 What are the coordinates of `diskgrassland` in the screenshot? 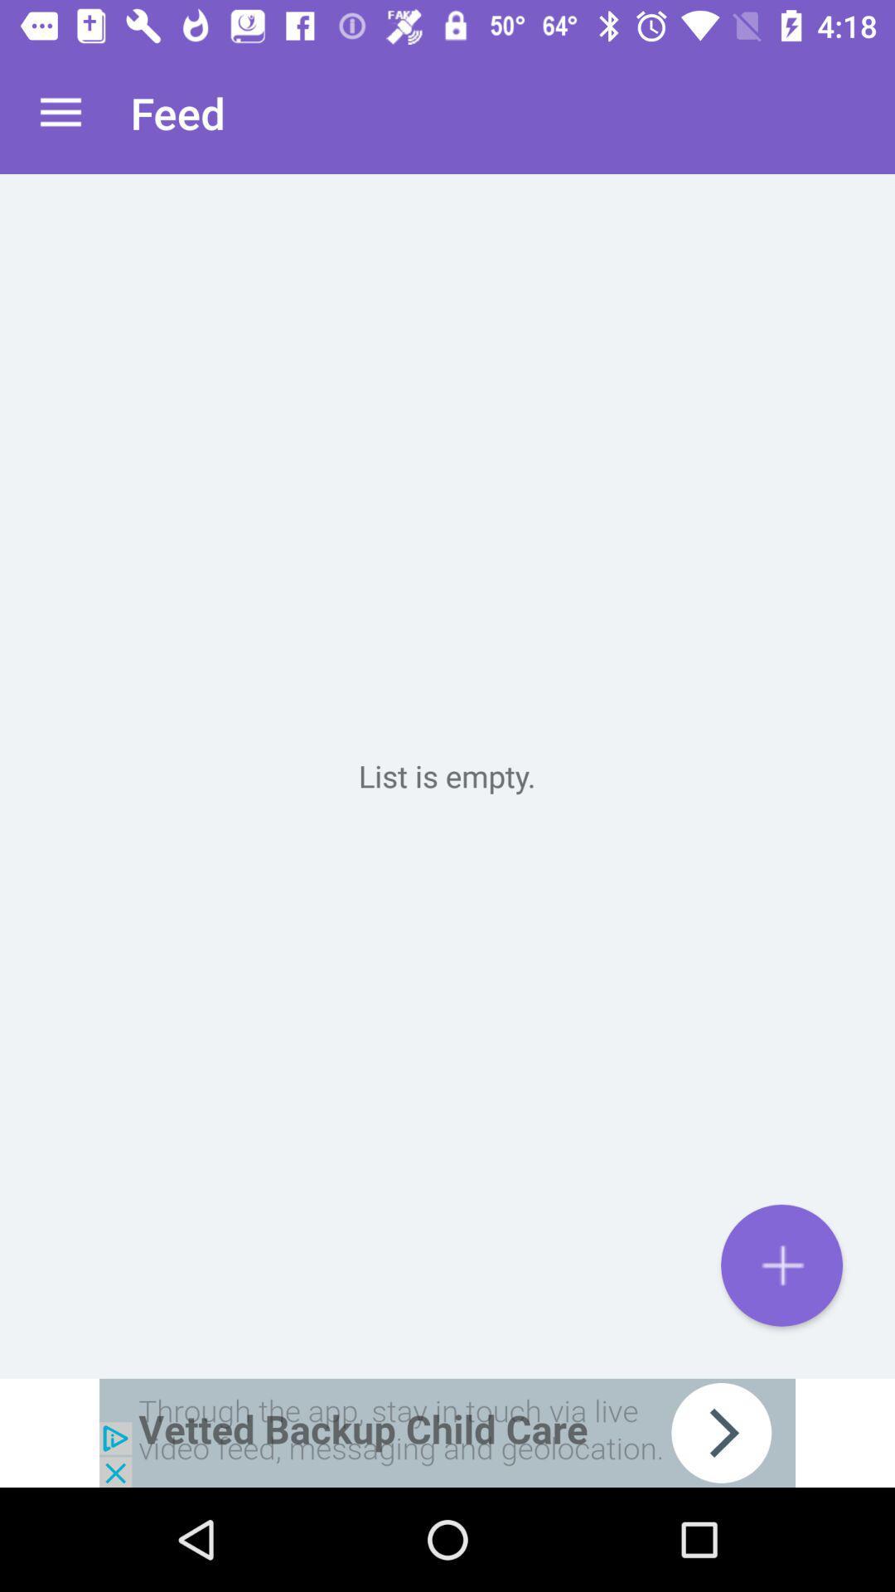 It's located at (447, 775).